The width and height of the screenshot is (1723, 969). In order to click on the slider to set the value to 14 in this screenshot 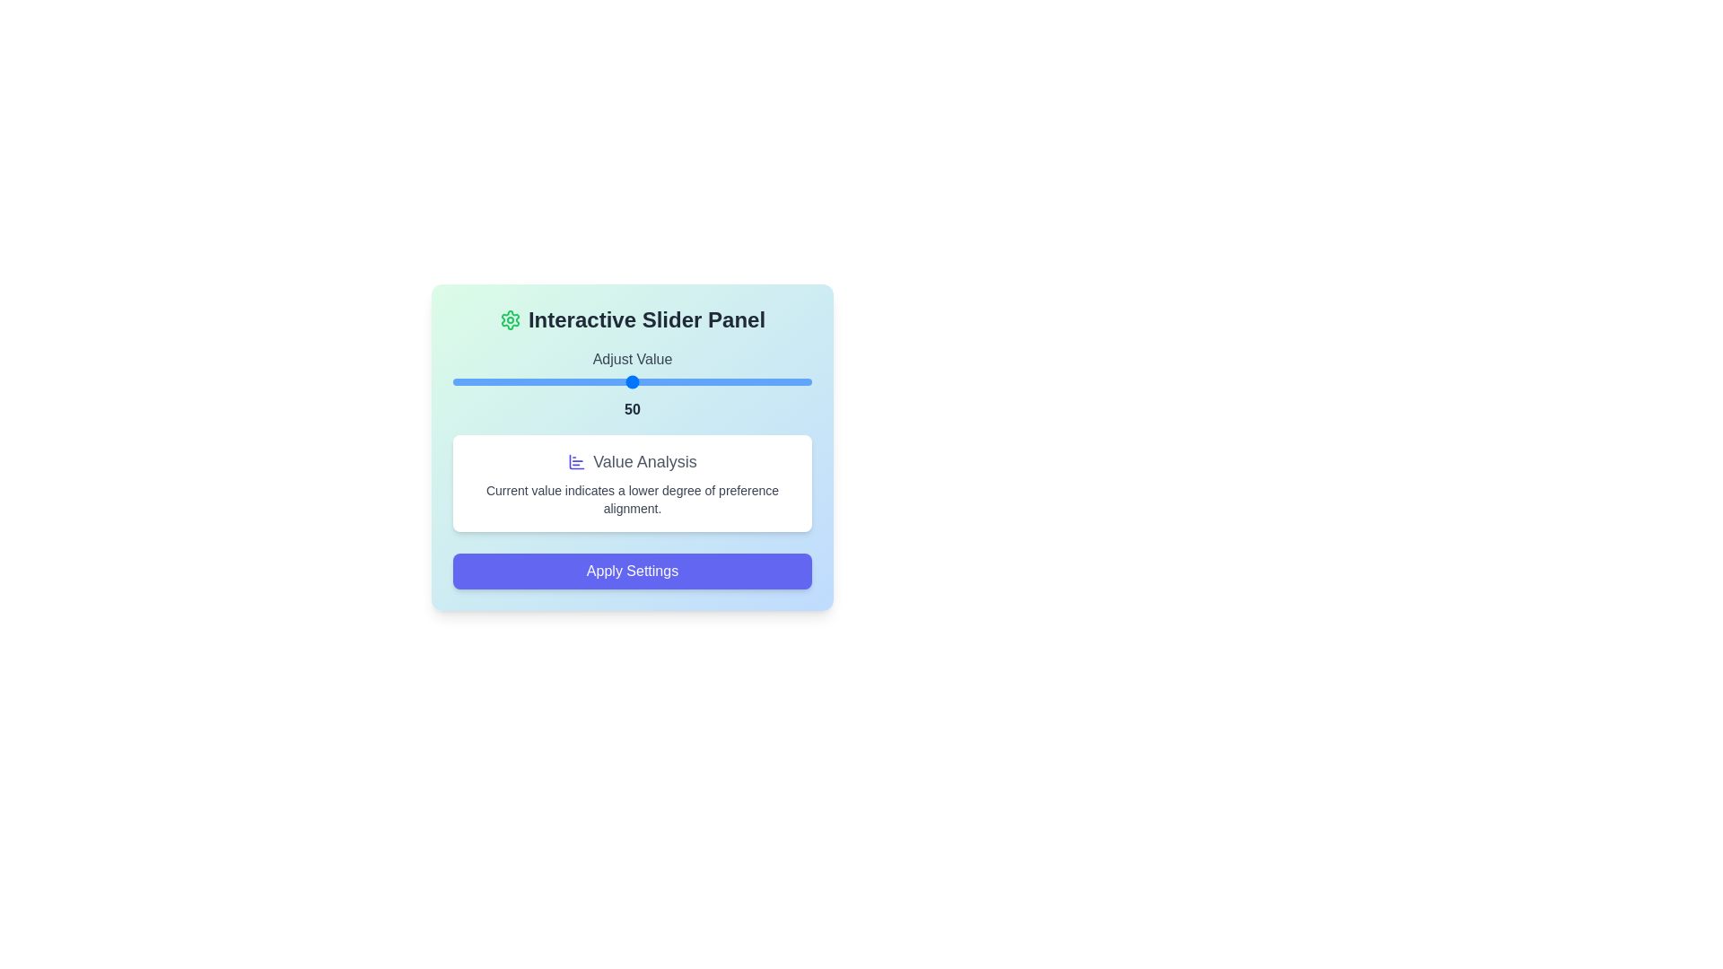, I will do `click(503, 380)`.